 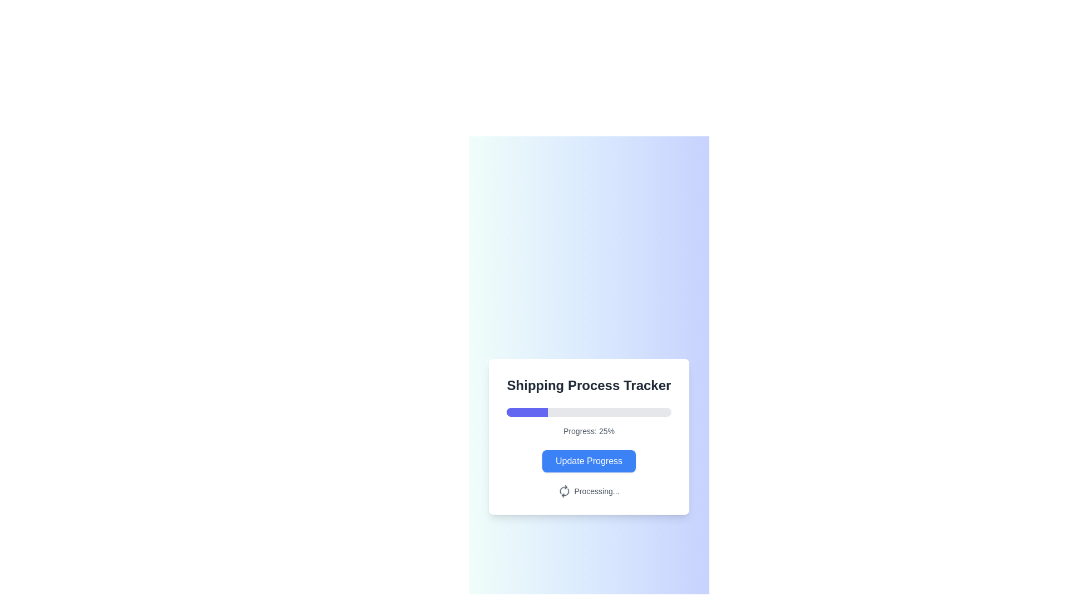 I want to click on the text label that displays the current progress percentage, located below the progress bar and above the 'Update Progress' button, so click(x=588, y=431).